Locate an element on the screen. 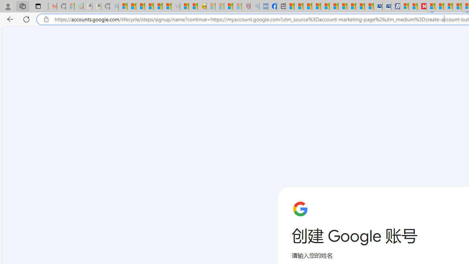 This screenshot has width=469, height=264. 'Cheap Car Rentals - Save70.com' is located at coordinates (378, 6).